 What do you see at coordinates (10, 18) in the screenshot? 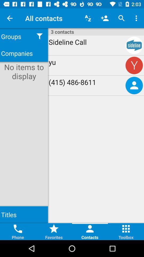
I see `icon to the left of all contacts item` at bounding box center [10, 18].